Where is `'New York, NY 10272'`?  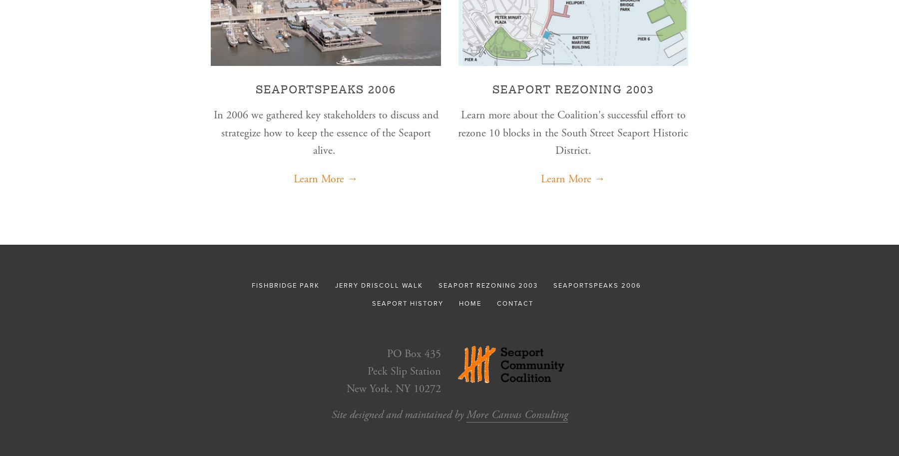
'New York, NY 10272' is located at coordinates (346, 388).